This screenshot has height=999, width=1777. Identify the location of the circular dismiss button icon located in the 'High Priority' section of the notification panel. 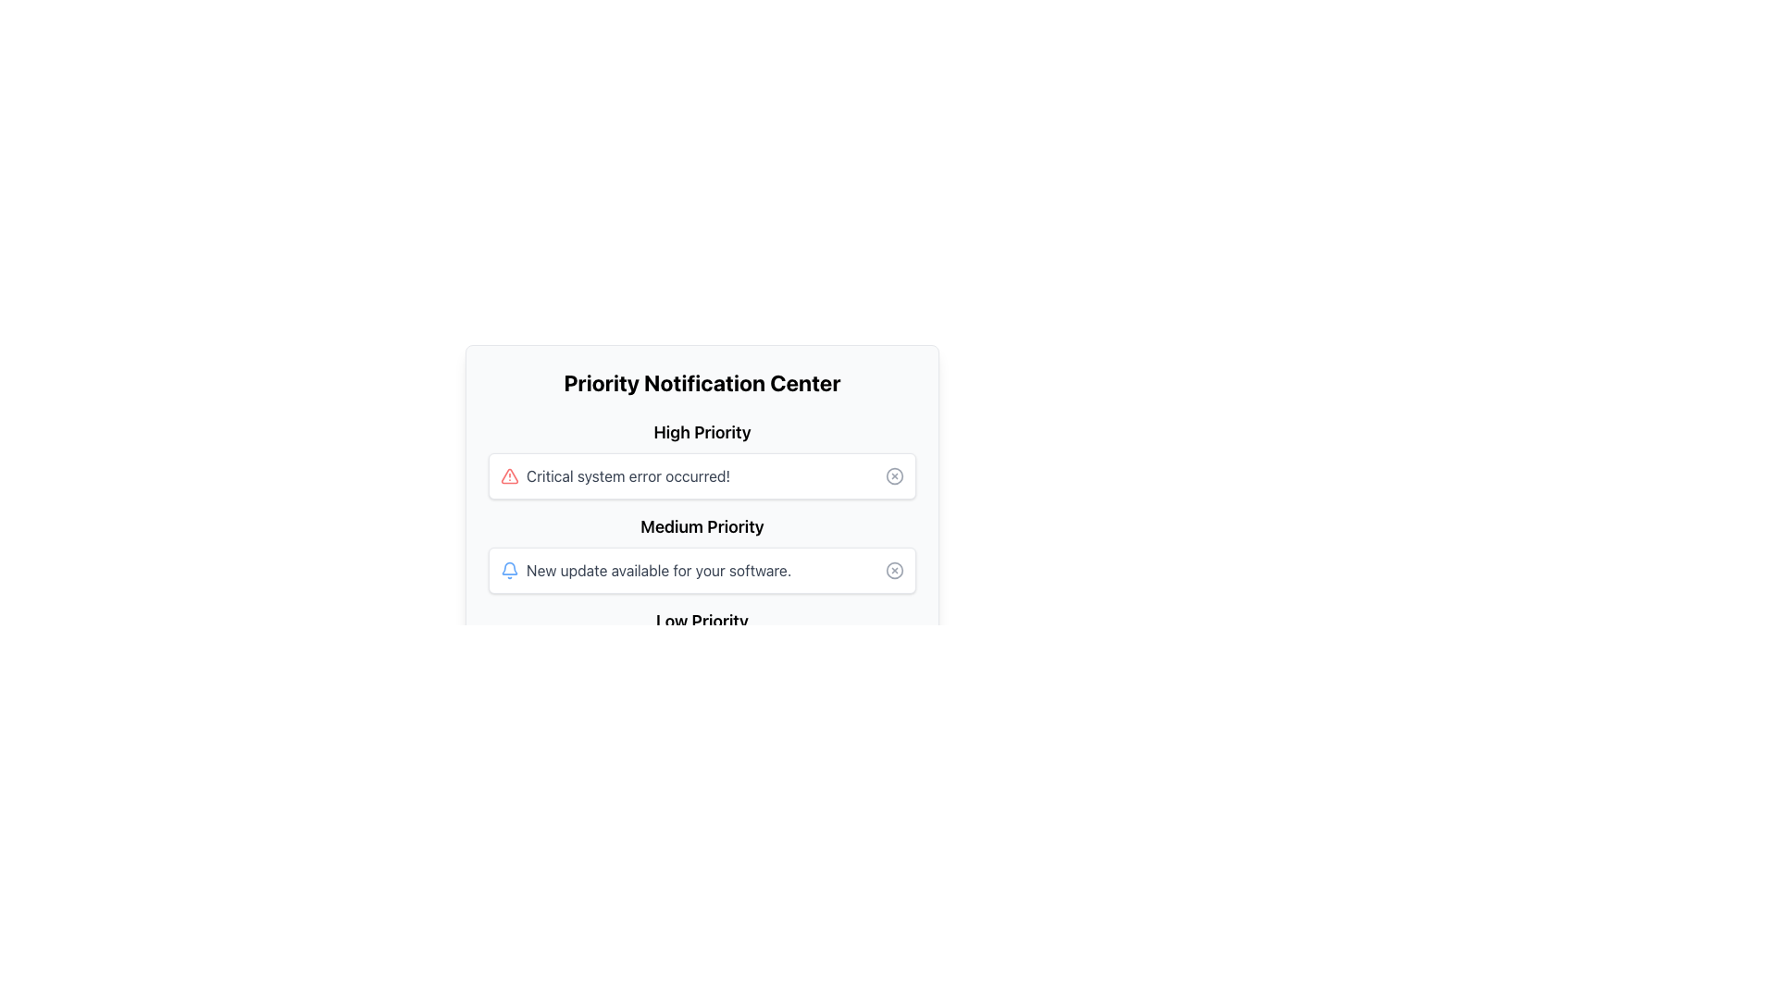
(894, 474).